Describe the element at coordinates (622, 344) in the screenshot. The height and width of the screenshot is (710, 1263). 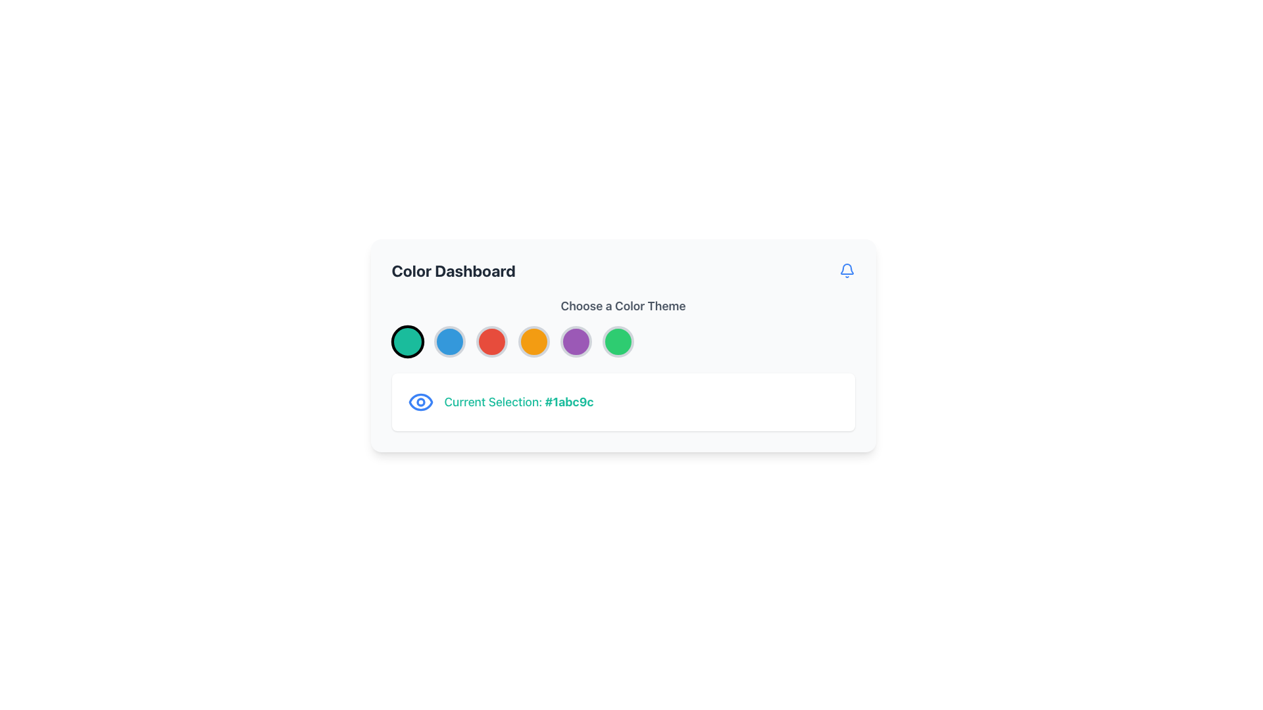
I see `the fifth circular button in the color theme selector` at that location.